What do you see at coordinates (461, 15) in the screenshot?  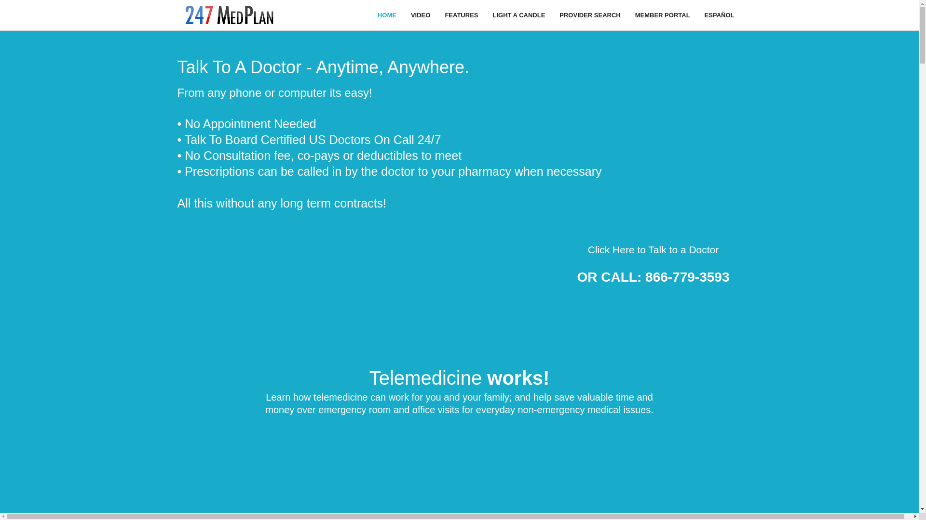 I see `'FEATURES'` at bounding box center [461, 15].